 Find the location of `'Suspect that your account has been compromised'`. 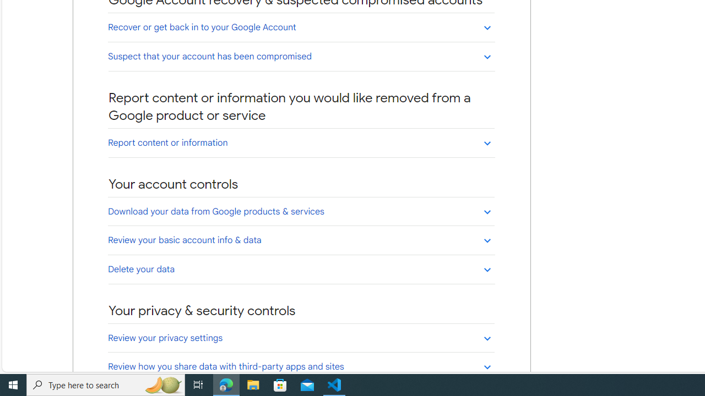

'Suspect that your account has been compromised' is located at coordinates (301, 56).